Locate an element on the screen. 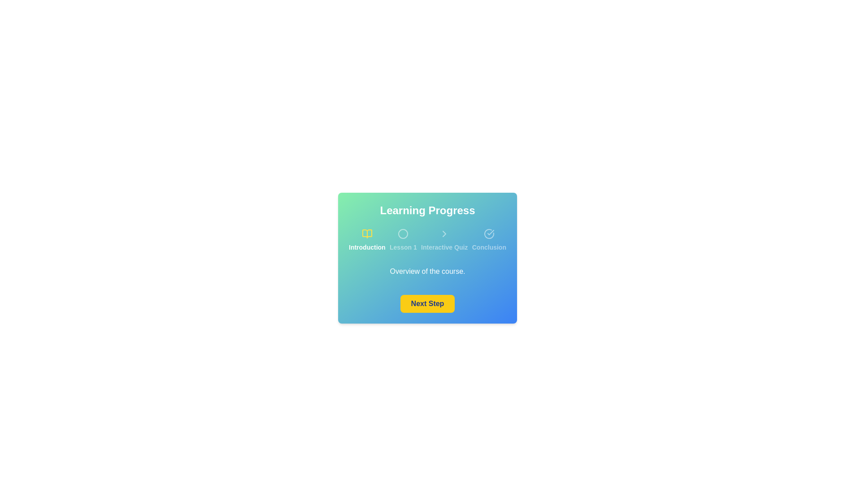 The height and width of the screenshot is (484, 861). the state of the 'Conclusion' stage indicator, which is the fourth item in the horizontal sequence under 'Learning Progress' is located at coordinates (488, 240).